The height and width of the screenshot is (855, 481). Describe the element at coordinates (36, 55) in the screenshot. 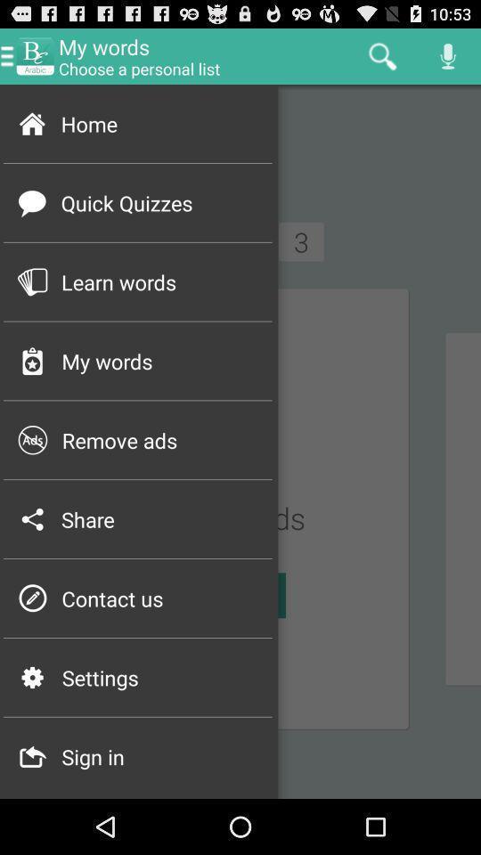

I see `move to left of mywords` at that location.